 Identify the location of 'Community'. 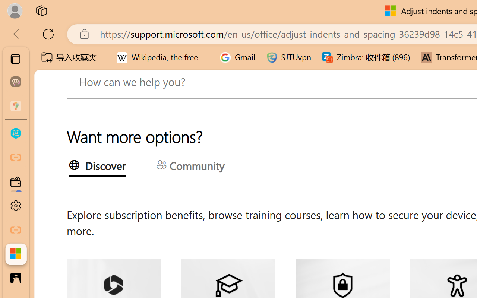
(190, 166).